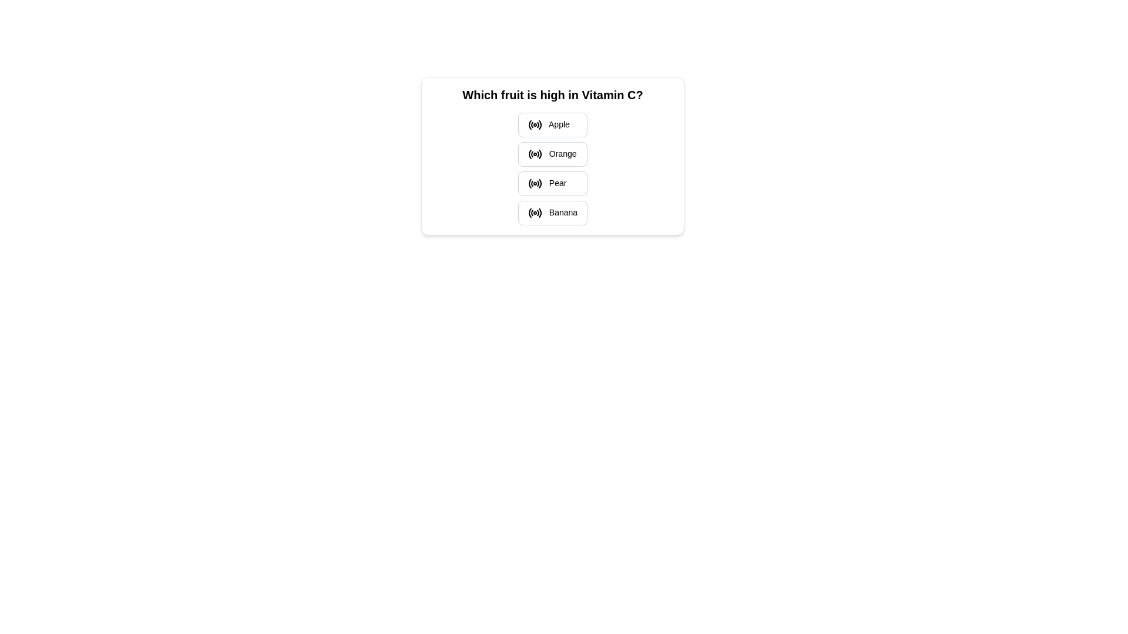  I want to click on the 'Orange' radio button which is selected and highlighted in a vertical list of selectable options, so click(552, 153).